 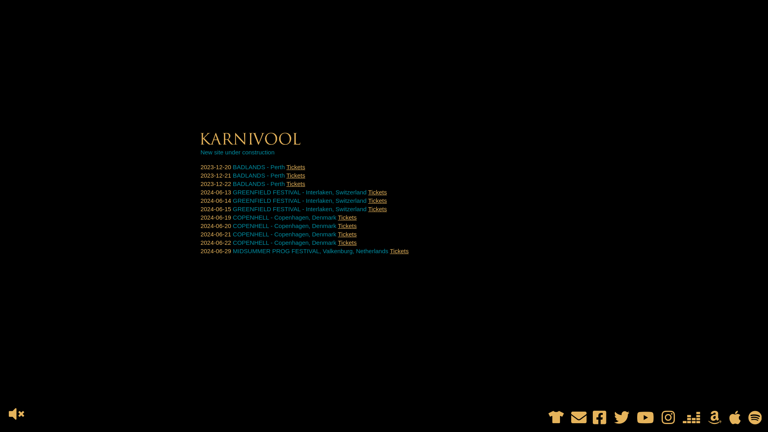 What do you see at coordinates (295, 166) in the screenshot?
I see `'Tickets'` at bounding box center [295, 166].